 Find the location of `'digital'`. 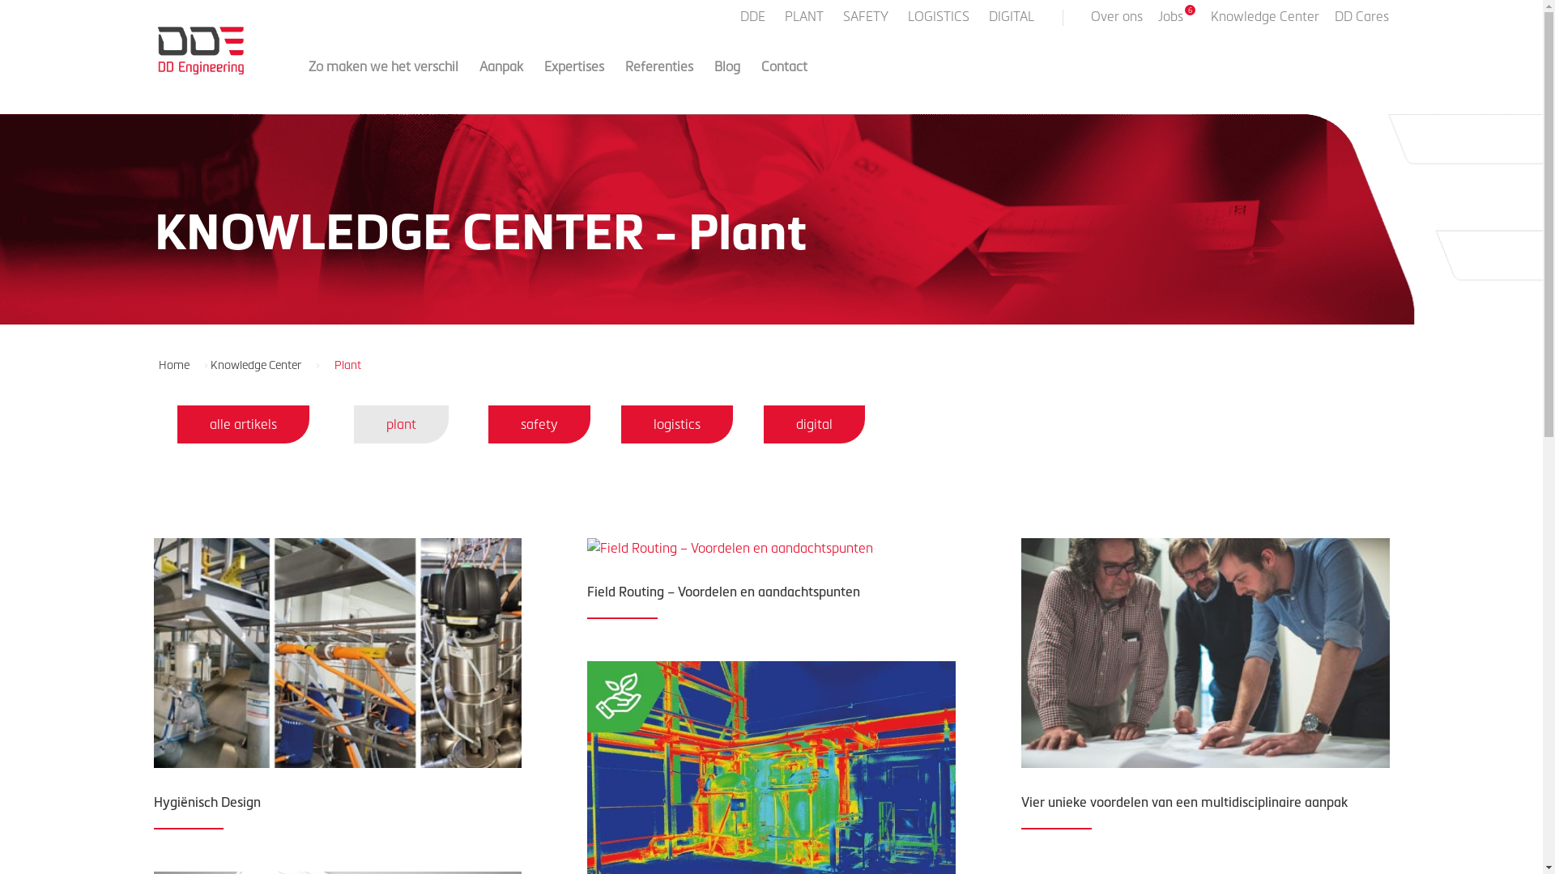

'digital' is located at coordinates (814, 423).